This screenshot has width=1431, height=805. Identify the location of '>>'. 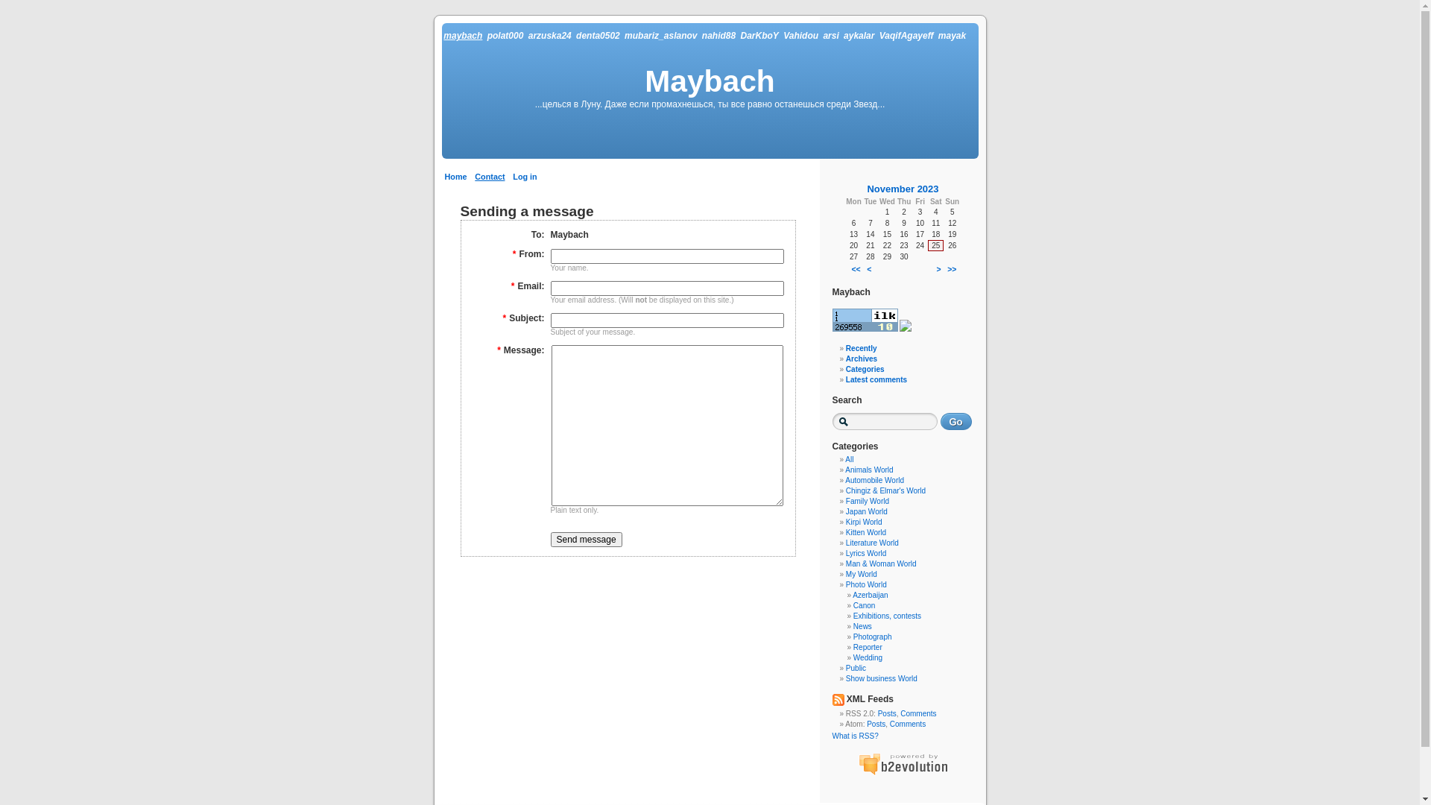
(950, 269).